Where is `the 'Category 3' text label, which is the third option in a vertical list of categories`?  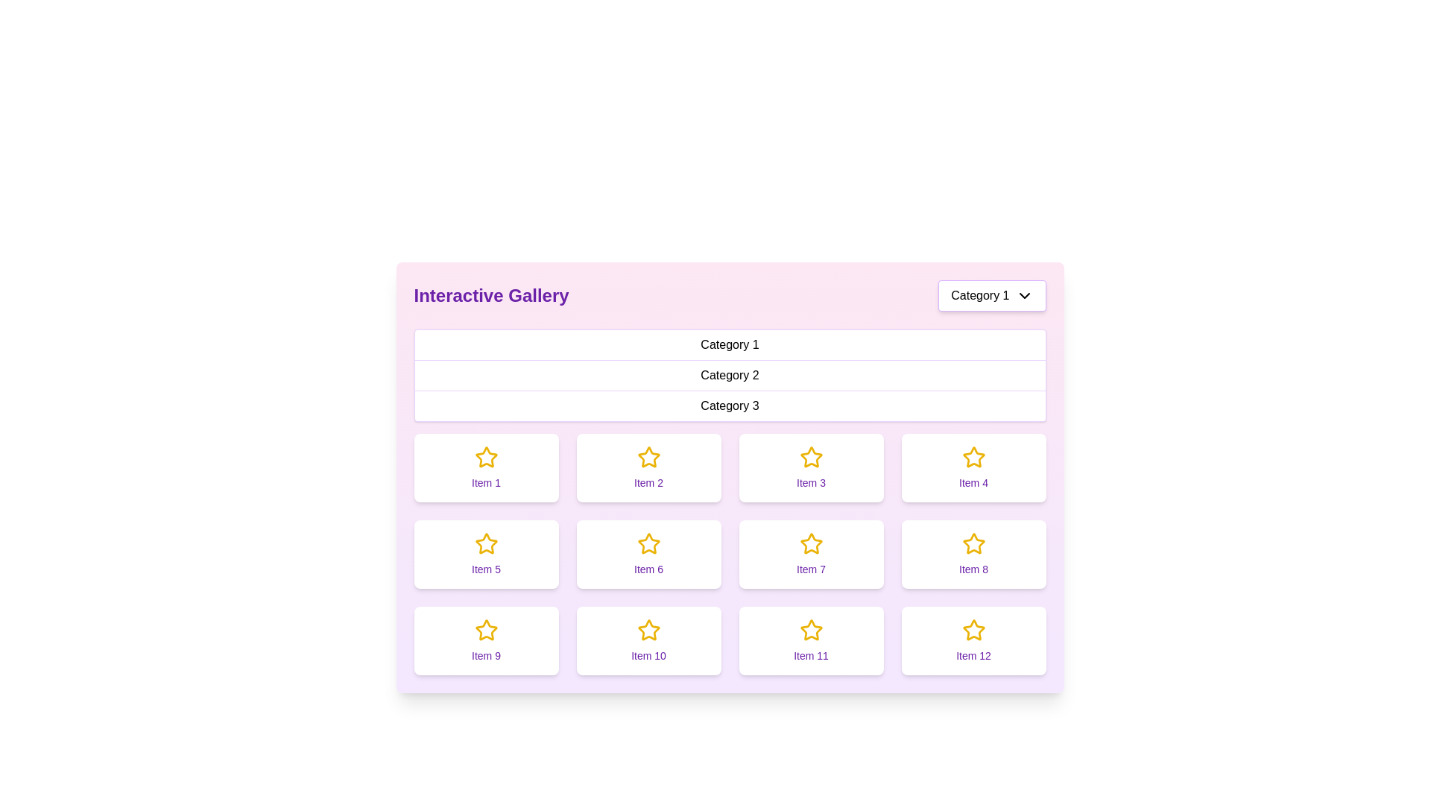
the 'Category 3' text label, which is the third option in a vertical list of categories is located at coordinates (730, 405).